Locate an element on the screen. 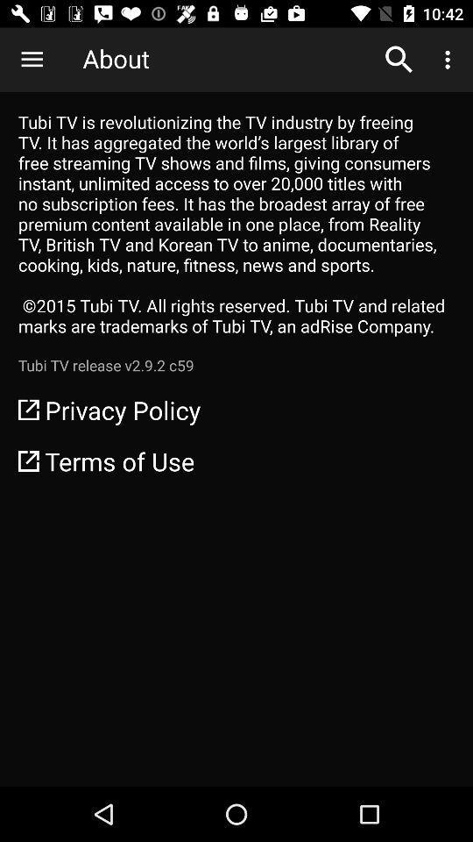 The height and width of the screenshot is (842, 473). icon above tubi tv is is located at coordinates (32, 60).